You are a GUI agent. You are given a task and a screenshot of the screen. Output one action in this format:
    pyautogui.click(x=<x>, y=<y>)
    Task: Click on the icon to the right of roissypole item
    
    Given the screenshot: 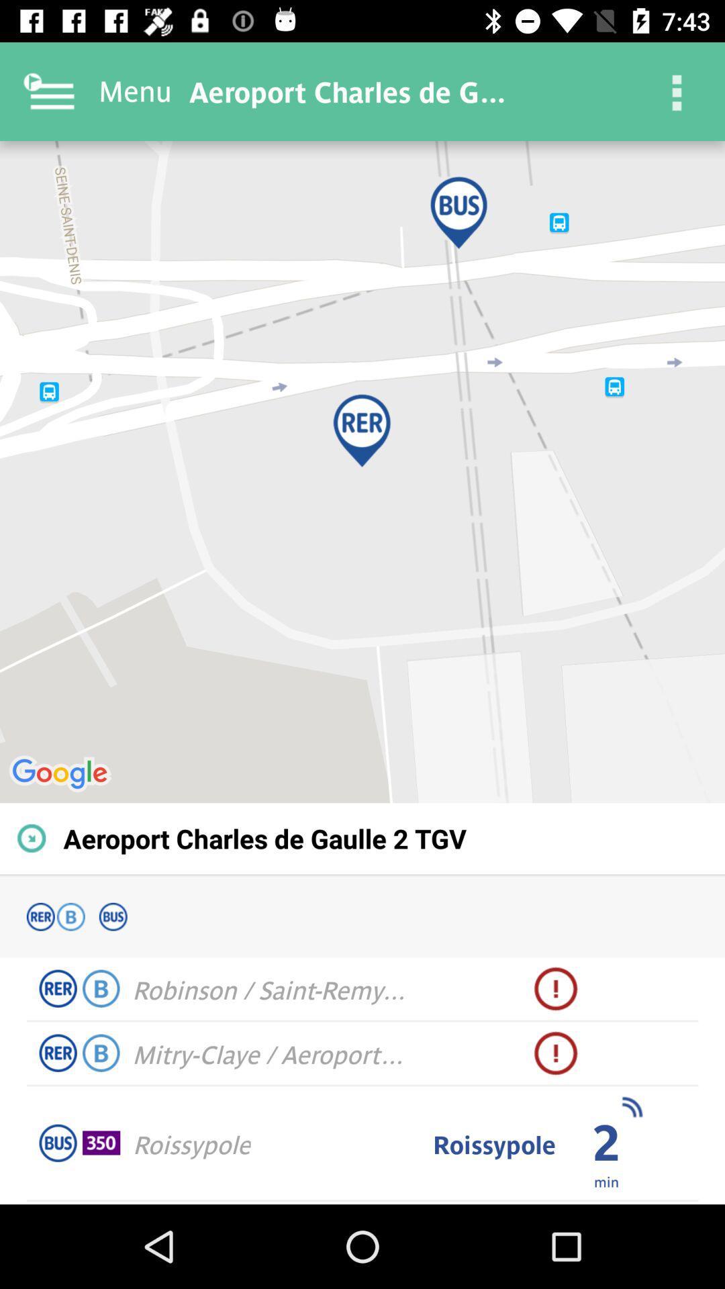 What is the action you would take?
    pyautogui.click(x=606, y=1180)
    